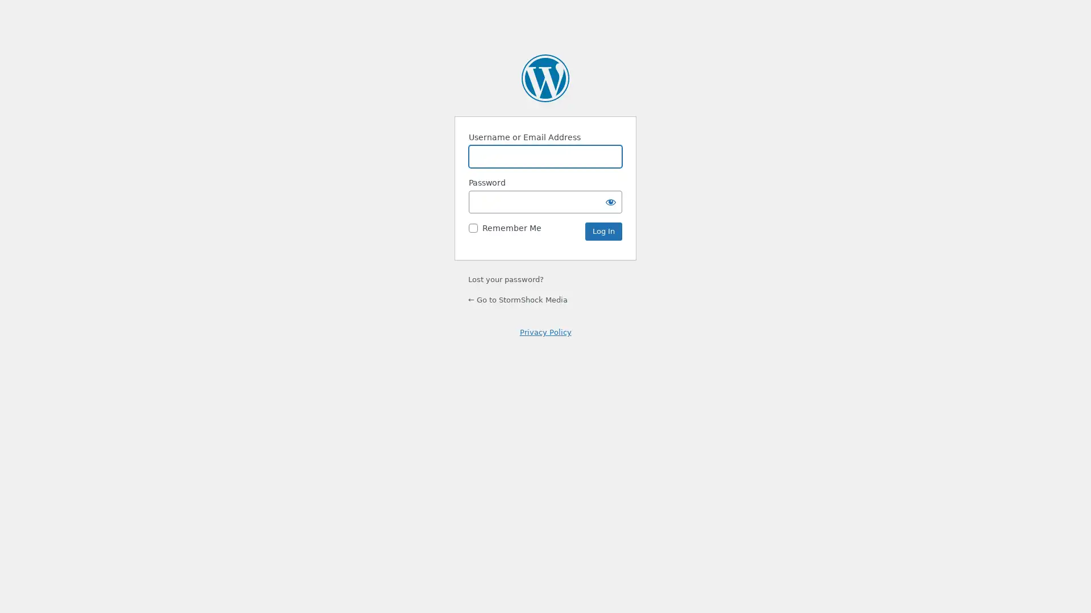  Describe the element at coordinates (610, 201) in the screenshot. I see `Show password` at that location.